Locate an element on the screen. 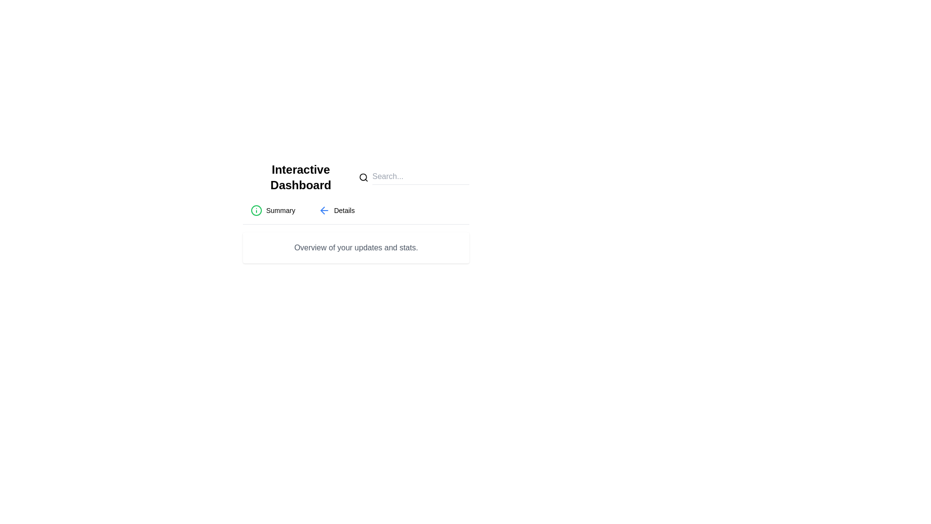 This screenshot has height=524, width=931. the tab labeled Summary to switch to its content is located at coordinates (272, 210).